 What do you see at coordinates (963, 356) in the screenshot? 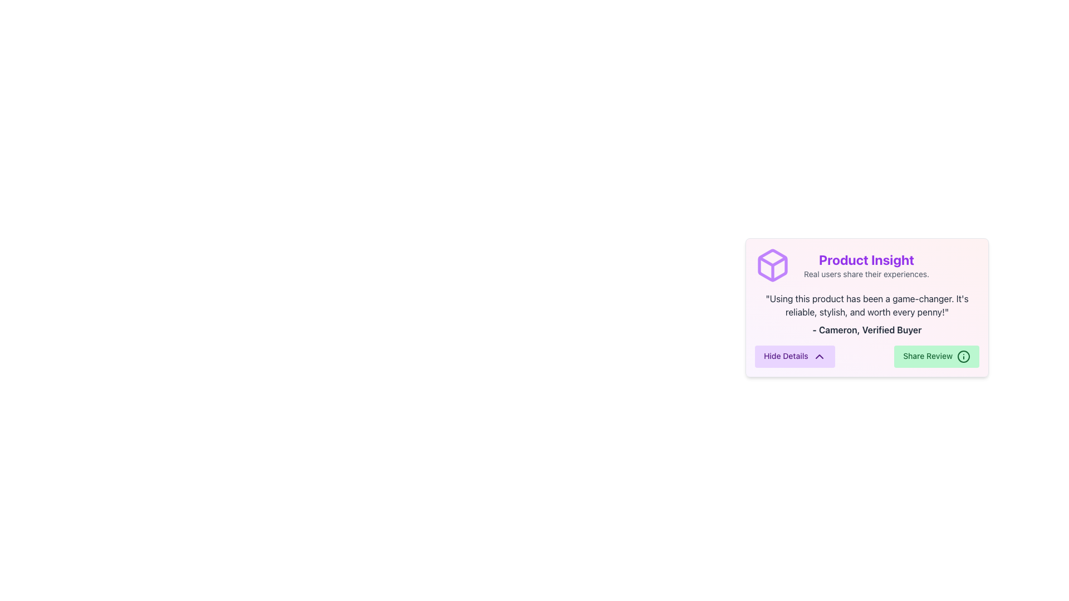
I see `the circular graphical component of the information icon within the 'Share Review' button located at the bottom-right corner of the user review card` at bounding box center [963, 356].